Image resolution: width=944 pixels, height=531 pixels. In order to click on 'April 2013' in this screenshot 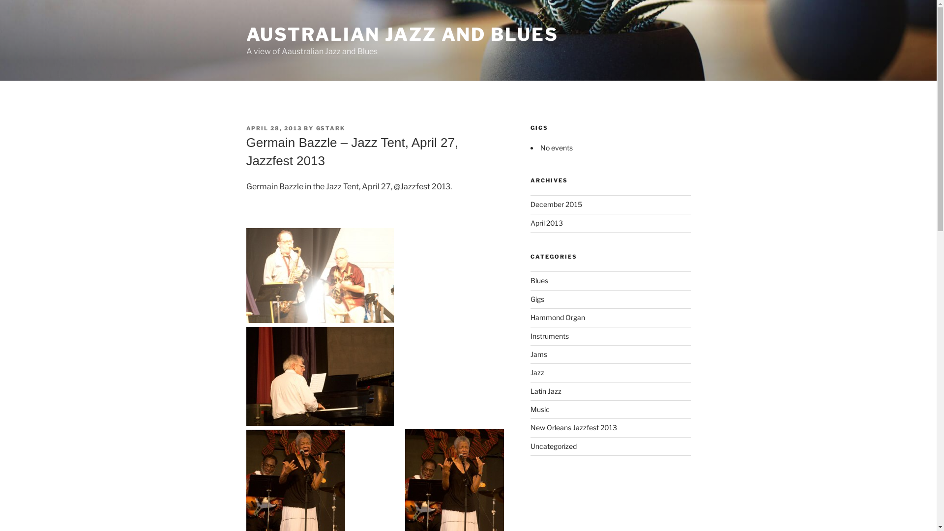, I will do `click(546, 223)`.